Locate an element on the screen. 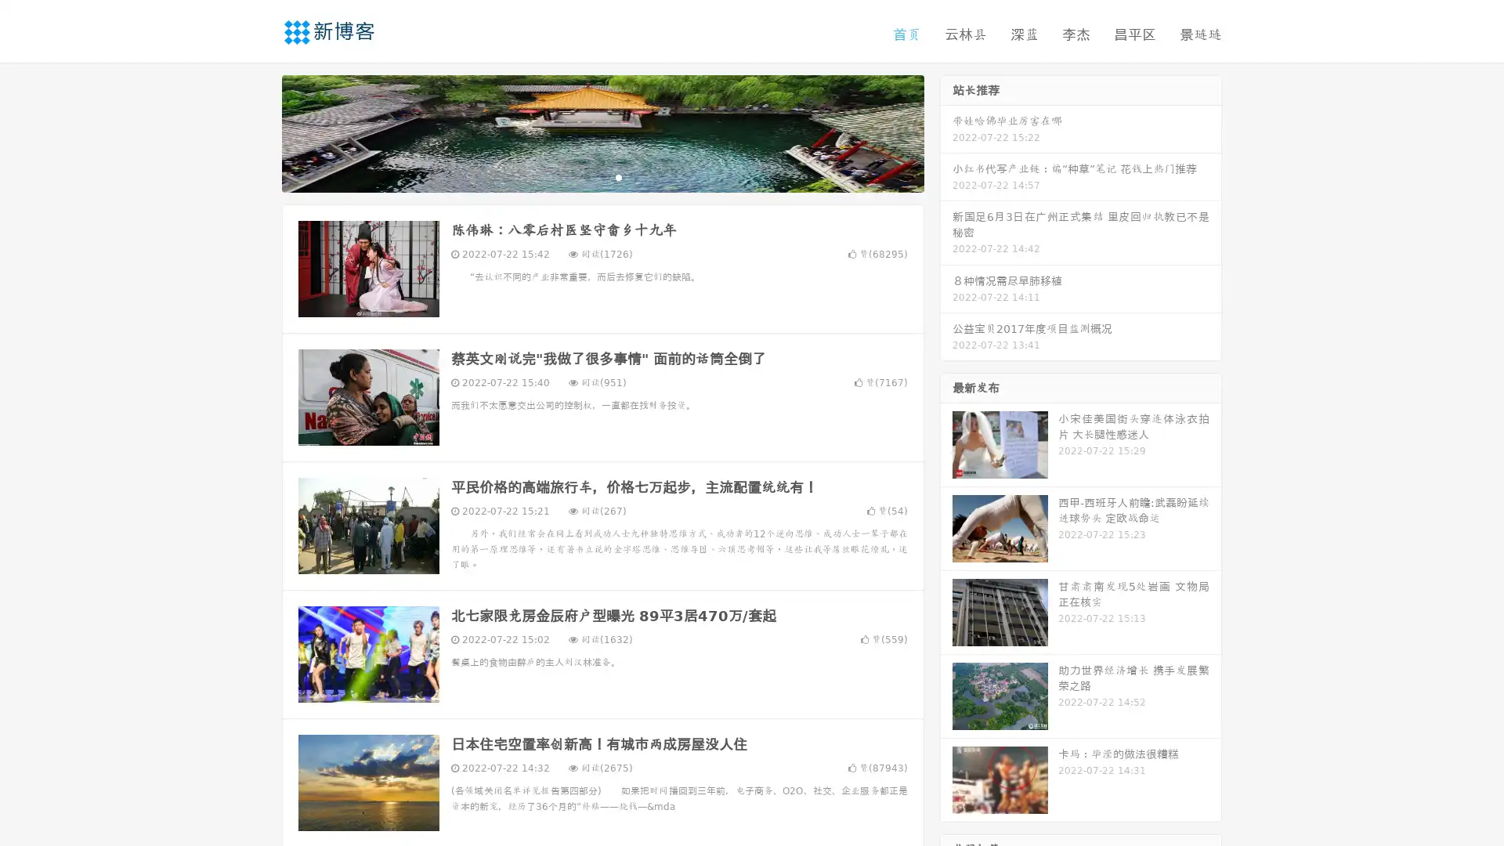 The height and width of the screenshot is (846, 1504). Go to slide 3 is located at coordinates (618, 176).